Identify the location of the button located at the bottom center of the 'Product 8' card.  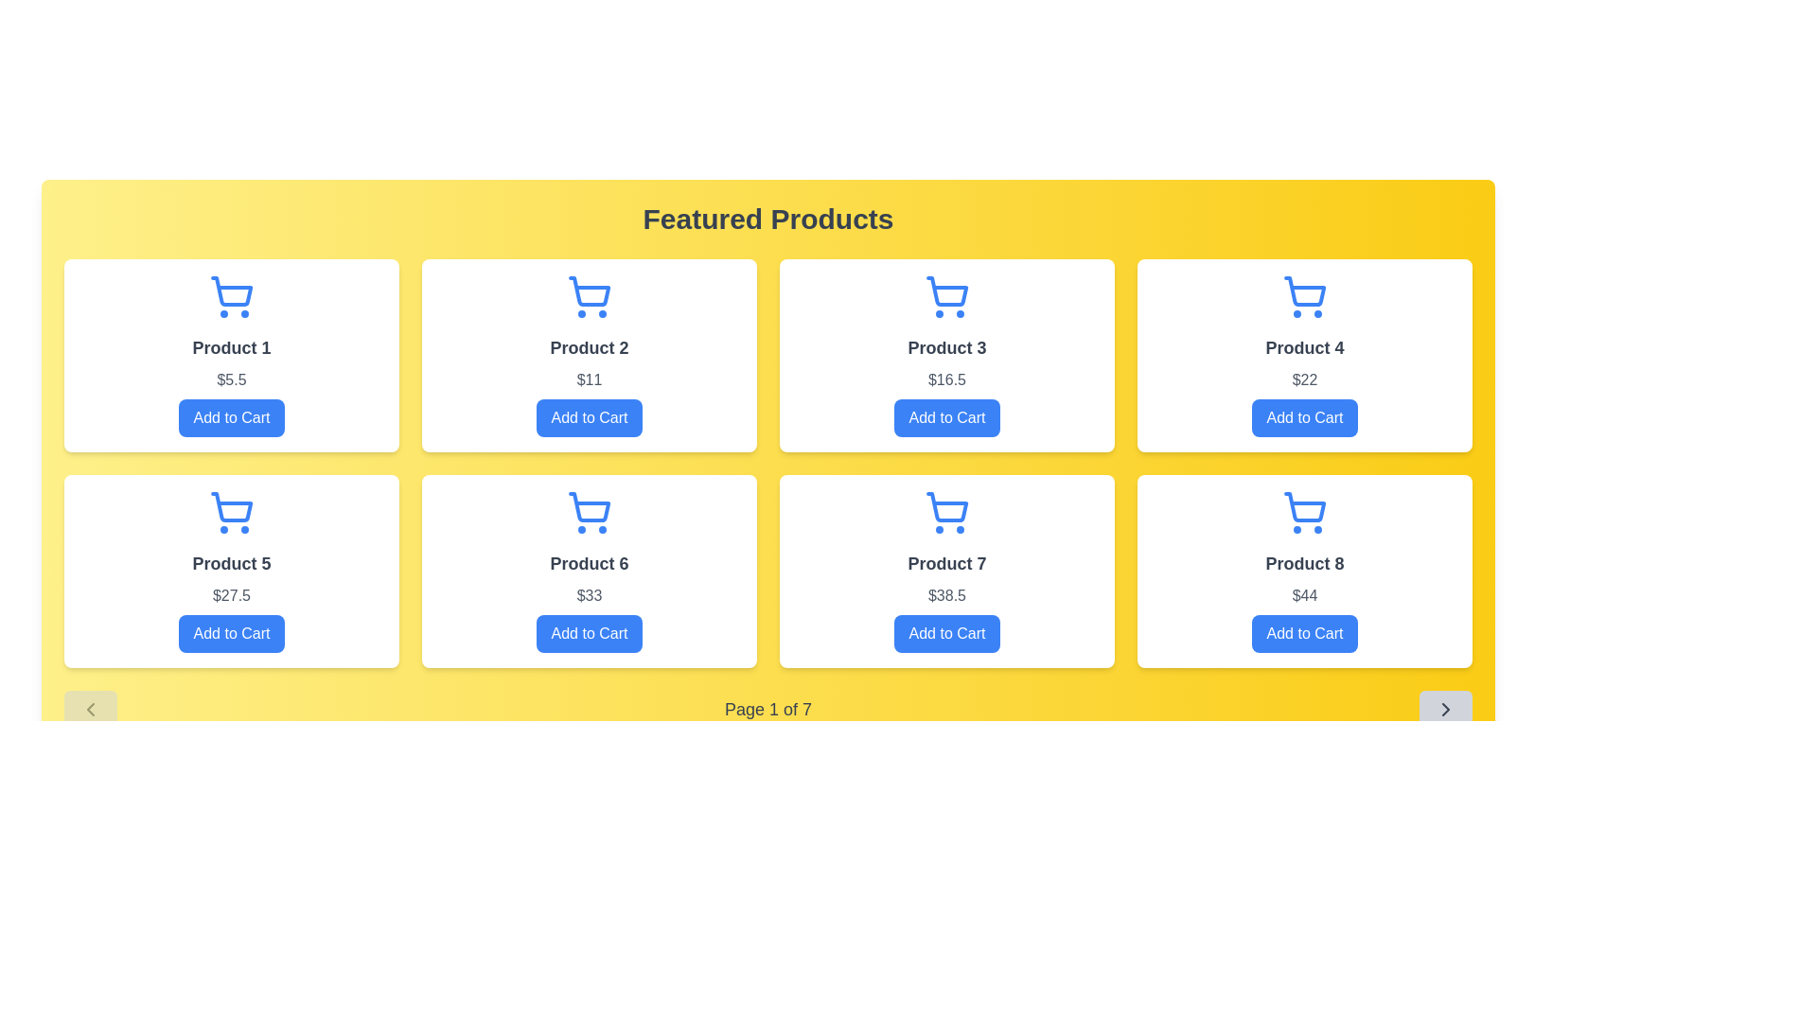
(1303, 634).